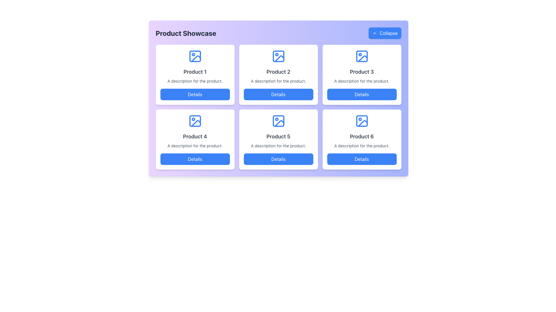 This screenshot has width=556, height=312. What do you see at coordinates (195, 94) in the screenshot?
I see `the button located below the text 'A description for the product.'` at bounding box center [195, 94].